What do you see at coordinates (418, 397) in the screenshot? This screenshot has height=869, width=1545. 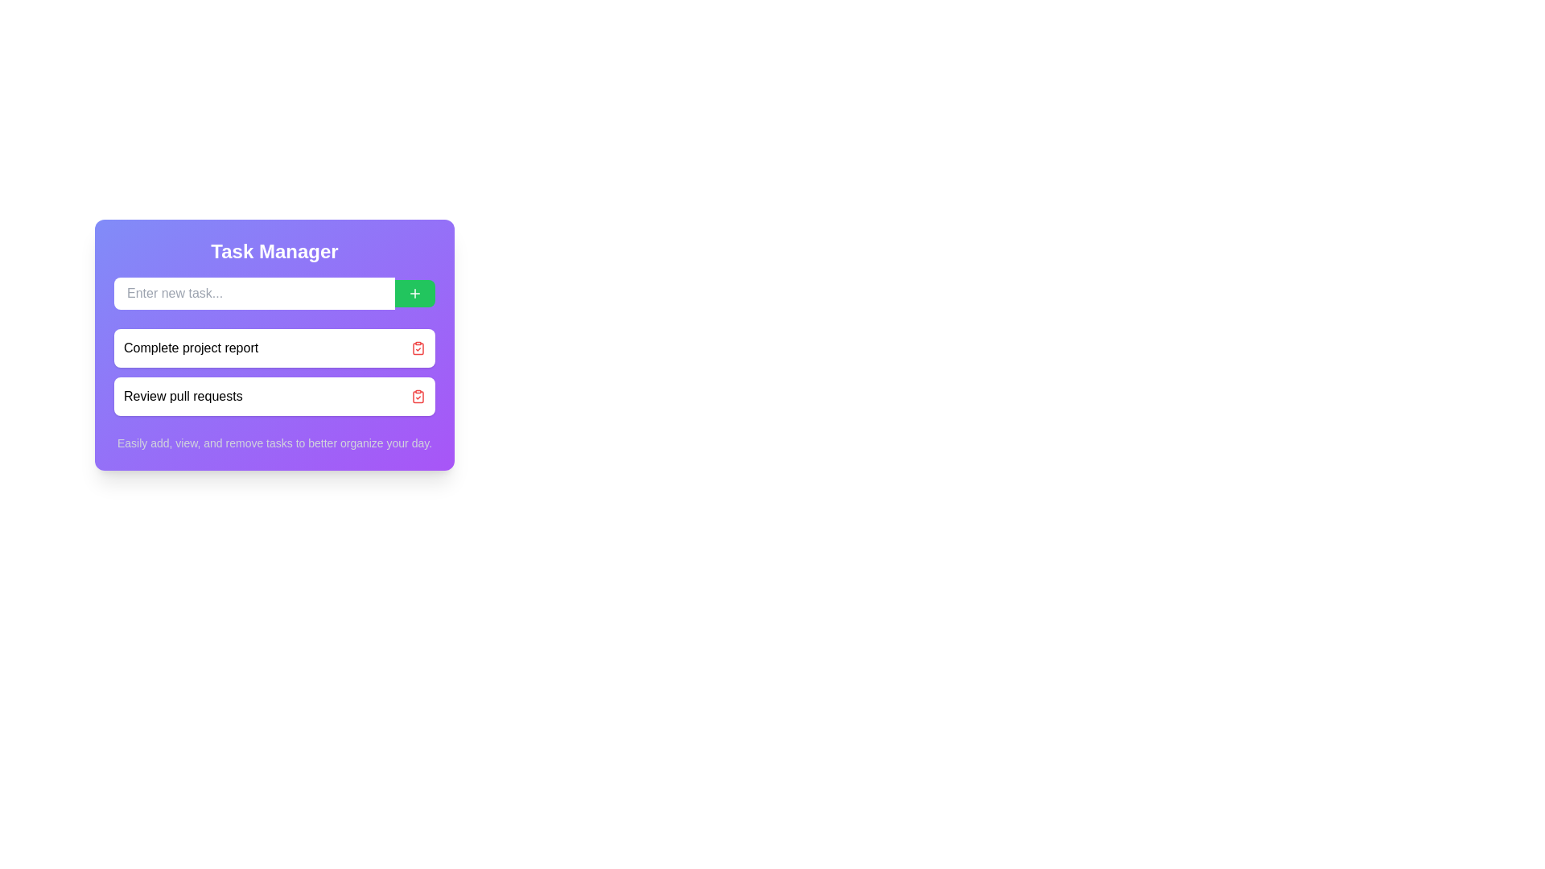 I see `the interactive button located in the second row of the task list, aligned to the right side, adjacent to the text 'Review pull requests'` at bounding box center [418, 397].